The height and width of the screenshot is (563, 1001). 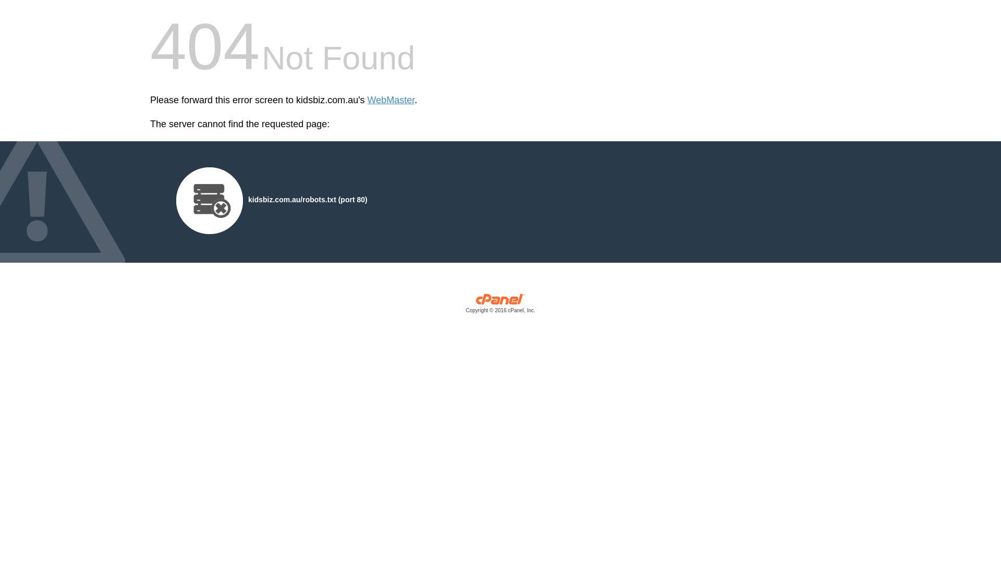 I want to click on 'WebMaster', so click(x=390, y=100).